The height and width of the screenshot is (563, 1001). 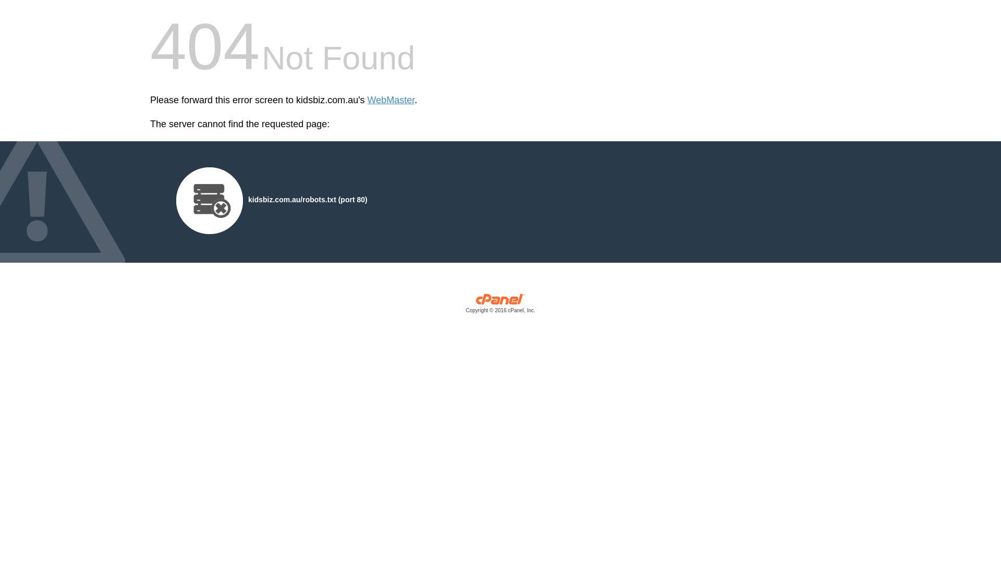 I want to click on 'WebMaster', so click(x=390, y=100).